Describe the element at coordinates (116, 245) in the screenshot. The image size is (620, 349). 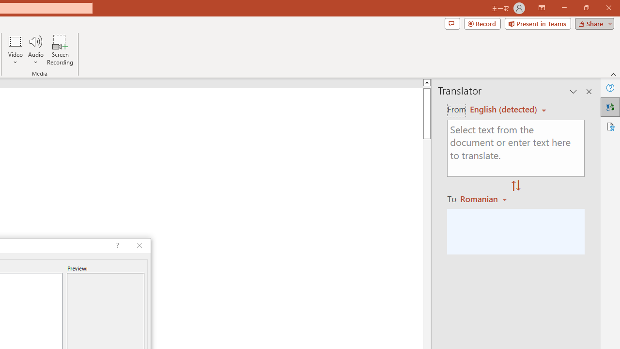
I see `'Context help'` at that location.